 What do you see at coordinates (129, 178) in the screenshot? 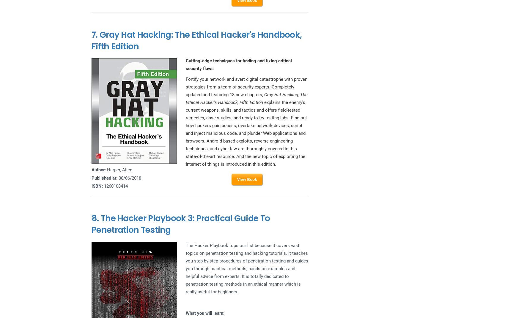
I see `'08/06/2018'` at bounding box center [129, 178].